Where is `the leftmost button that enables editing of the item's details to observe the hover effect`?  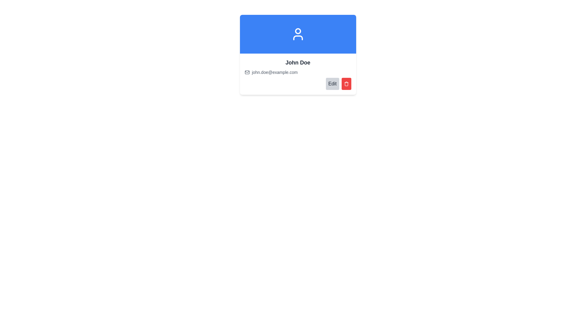 the leftmost button that enables editing of the item's details to observe the hover effect is located at coordinates (332, 84).